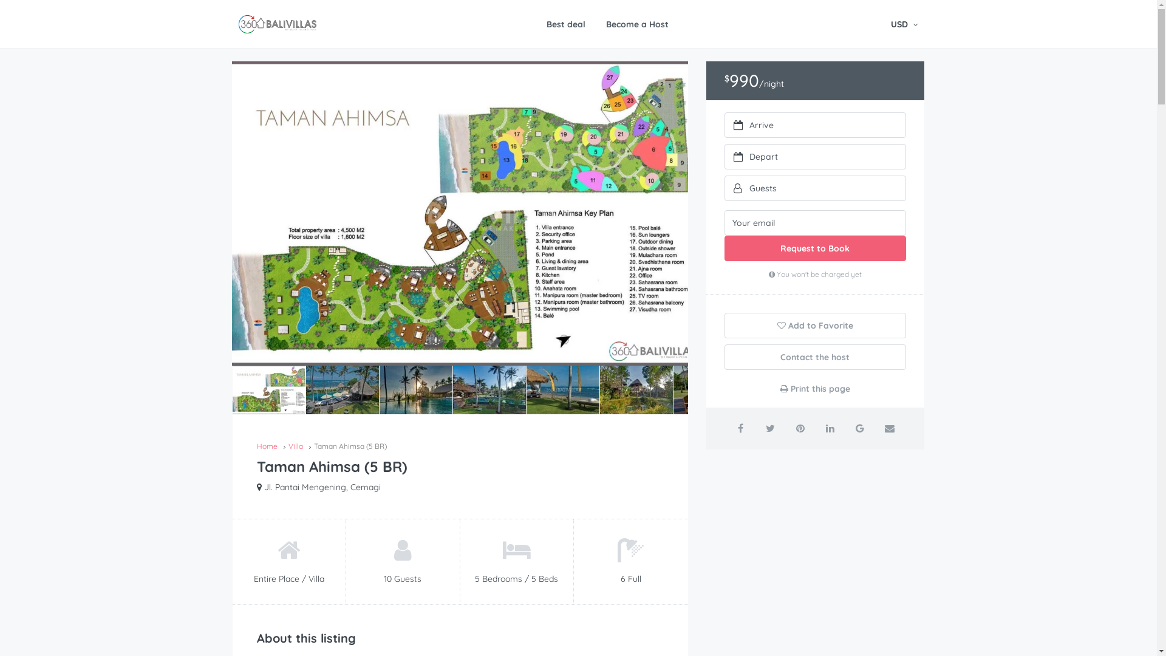 The width and height of the screenshot is (1166, 656). What do you see at coordinates (904, 24) in the screenshot?
I see `'USD'` at bounding box center [904, 24].